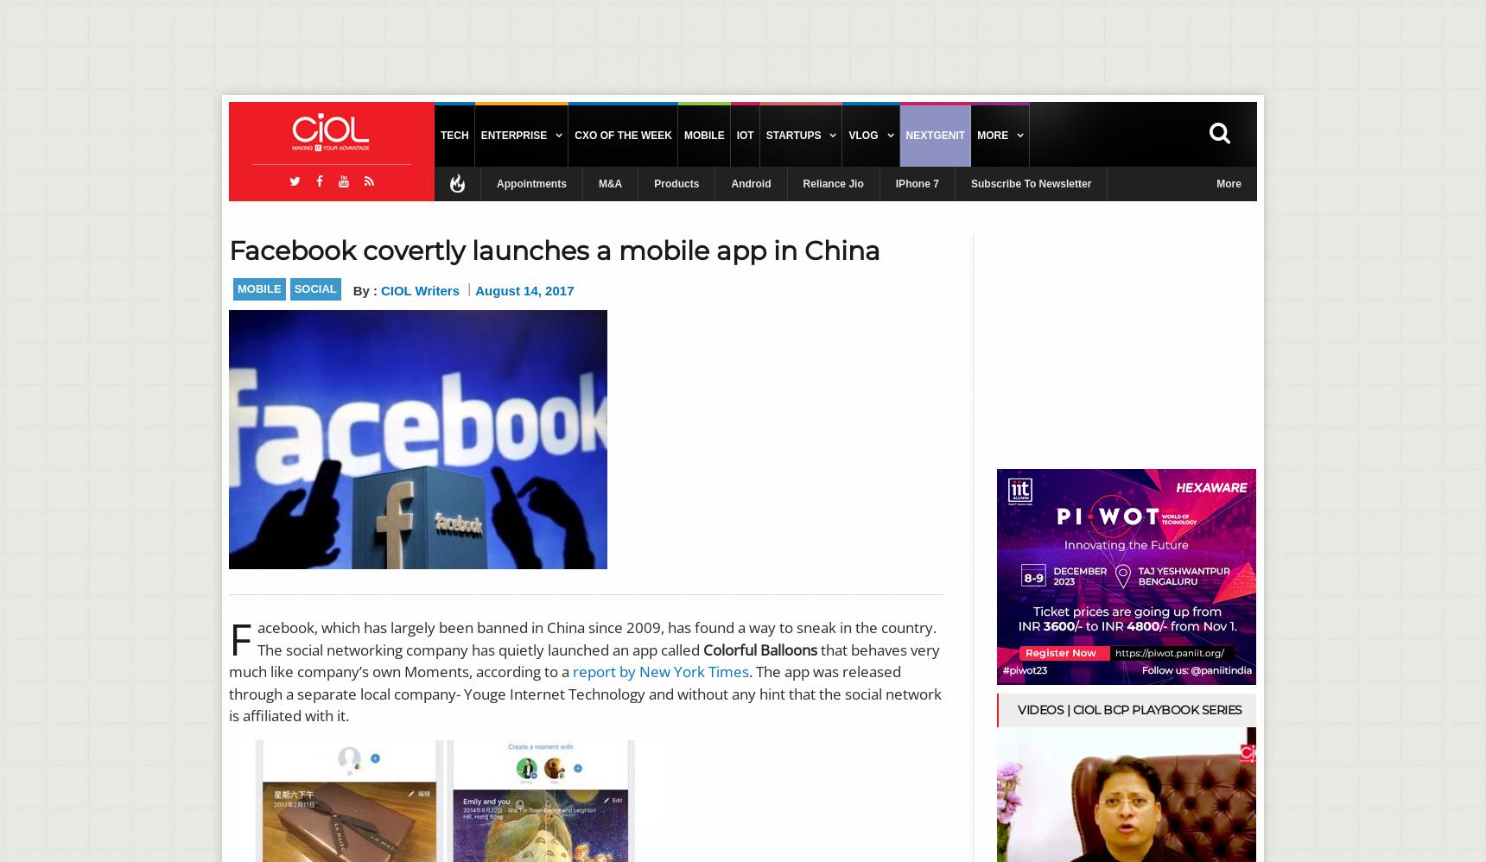 This screenshot has height=862, width=1486. What do you see at coordinates (523, 290) in the screenshot?
I see `'August 14, 2017'` at bounding box center [523, 290].